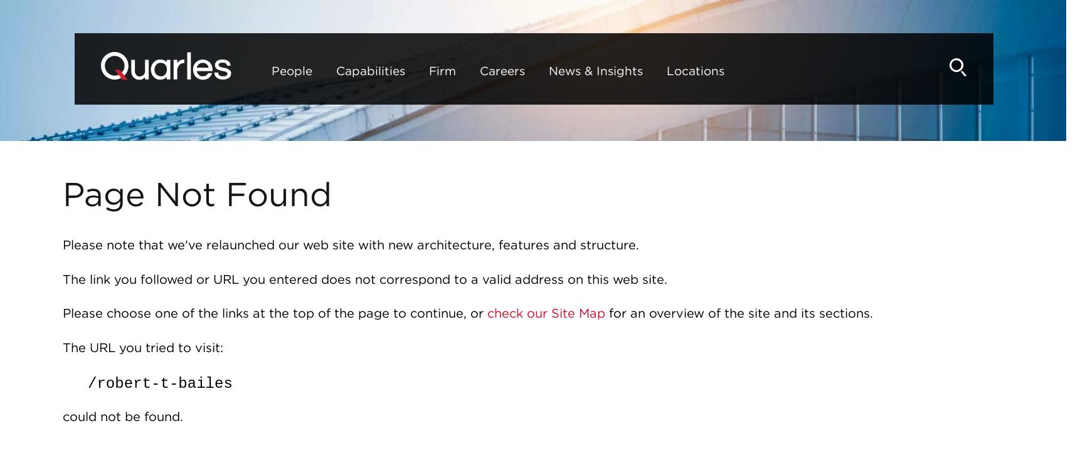 This screenshot has height=463, width=1080. What do you see at coordinates (463, 70) in the screenshot?
I see `'Careers'` at bounding box center [463, 70].